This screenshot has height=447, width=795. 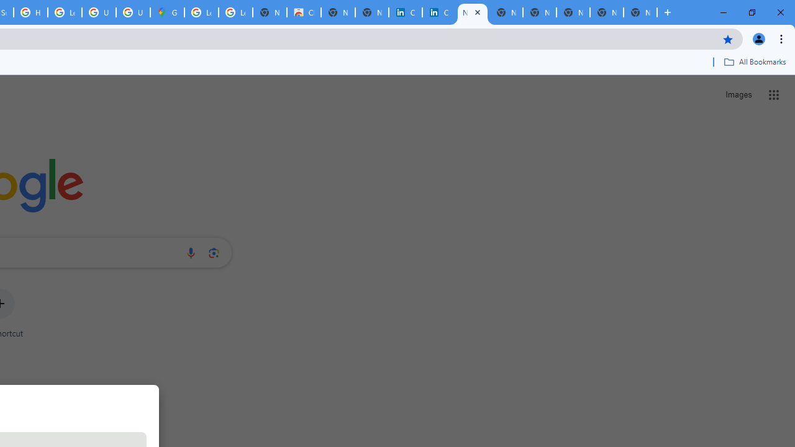 I want to click on 'New Tab', so click(x=667, y=12).